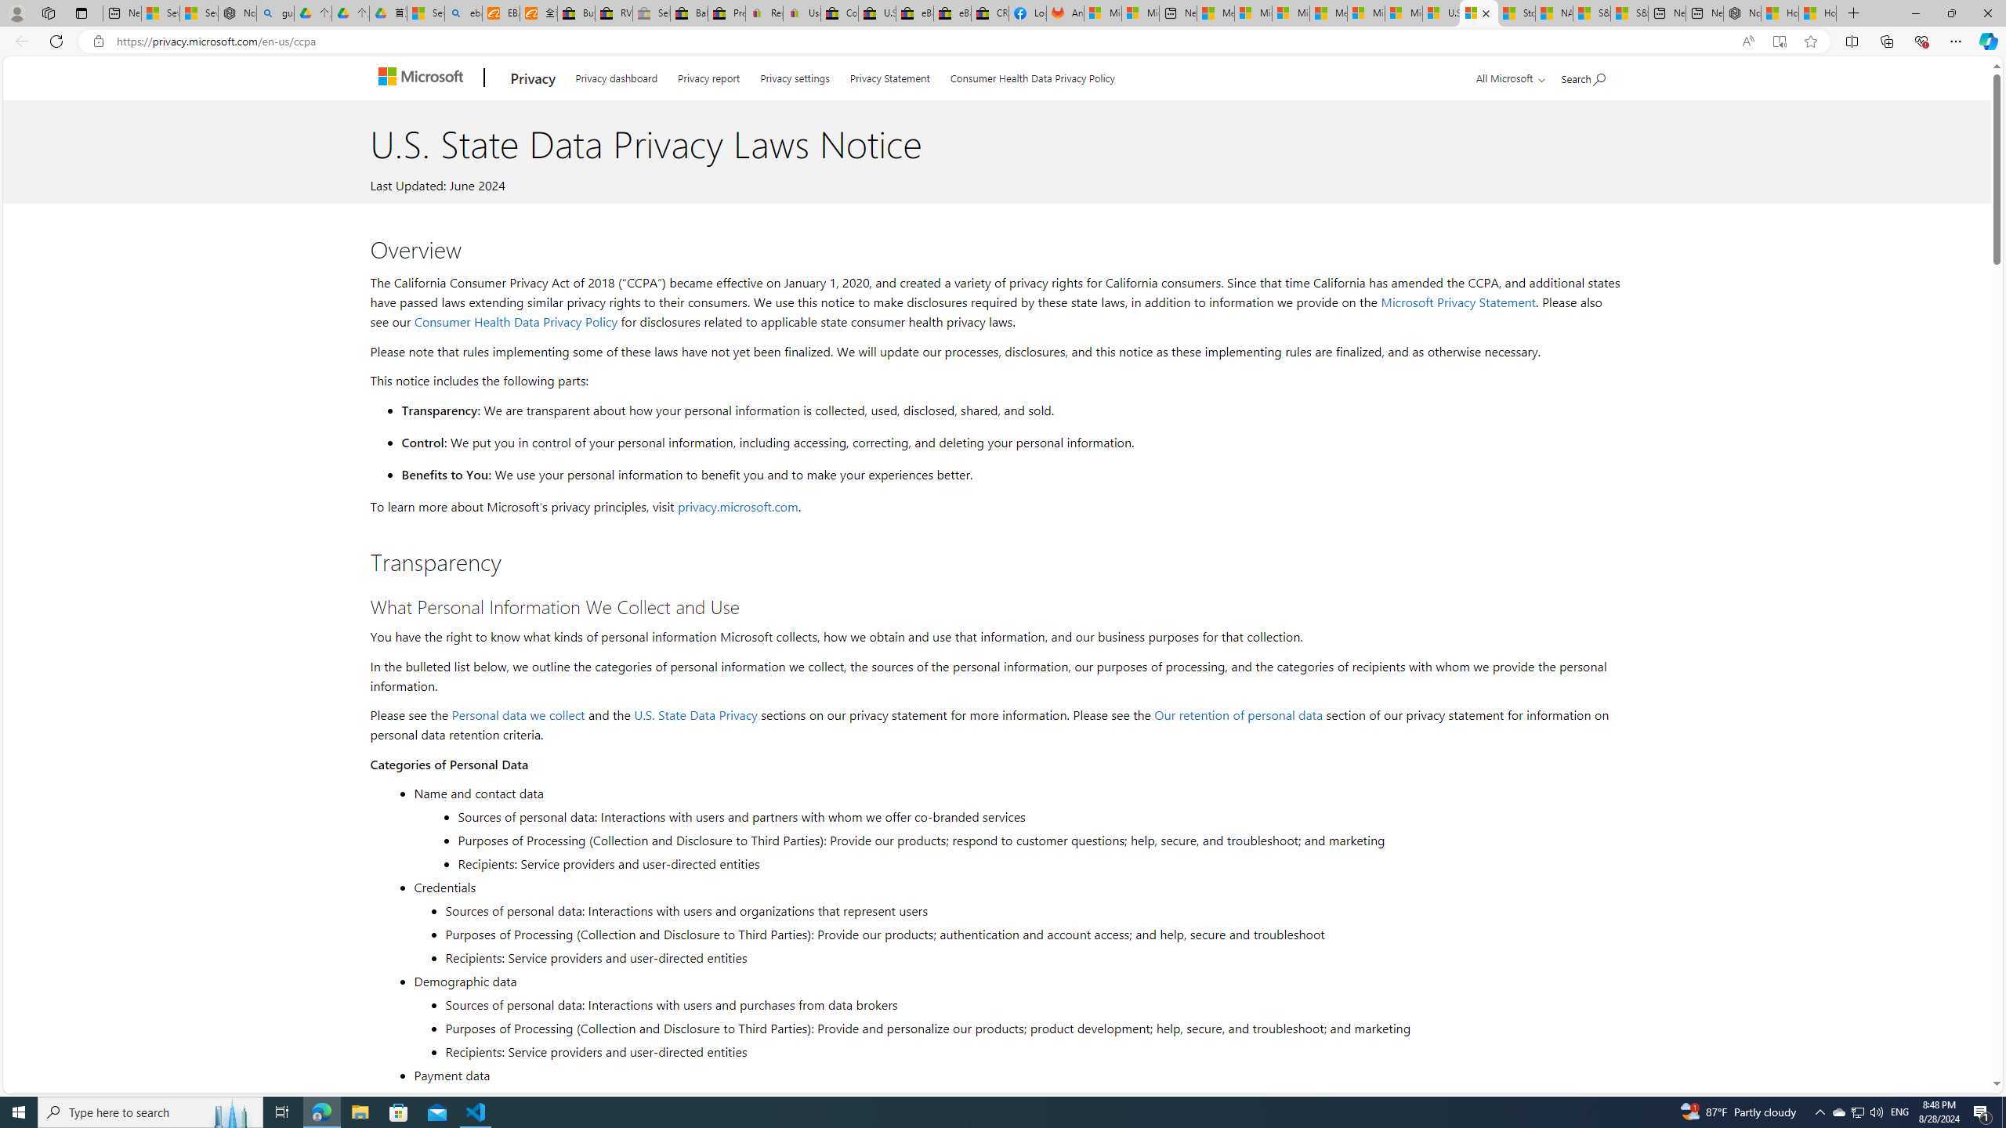 Image resolution: width=2006 pixels, height=1128 pixels. What do you see at coordinates (275, 13) in the screenshot?
I see `'guge yunpan - Search'` at bounding box center [275, 13].